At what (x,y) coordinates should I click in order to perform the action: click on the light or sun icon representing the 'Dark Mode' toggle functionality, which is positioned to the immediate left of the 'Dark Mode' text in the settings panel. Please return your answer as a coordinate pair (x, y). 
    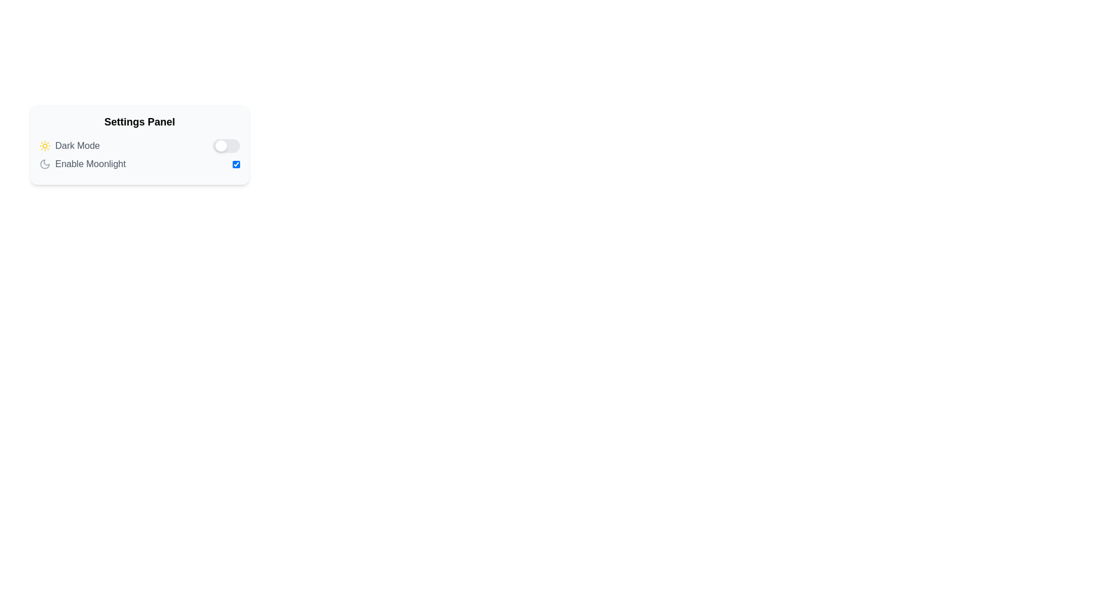
    Looking at the image, I should click on (44, 145).